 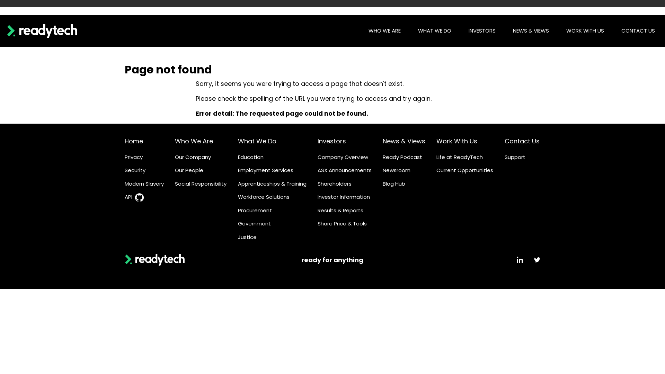 I want to click on 'Workforce Solutions', so click(x=238, y=197).